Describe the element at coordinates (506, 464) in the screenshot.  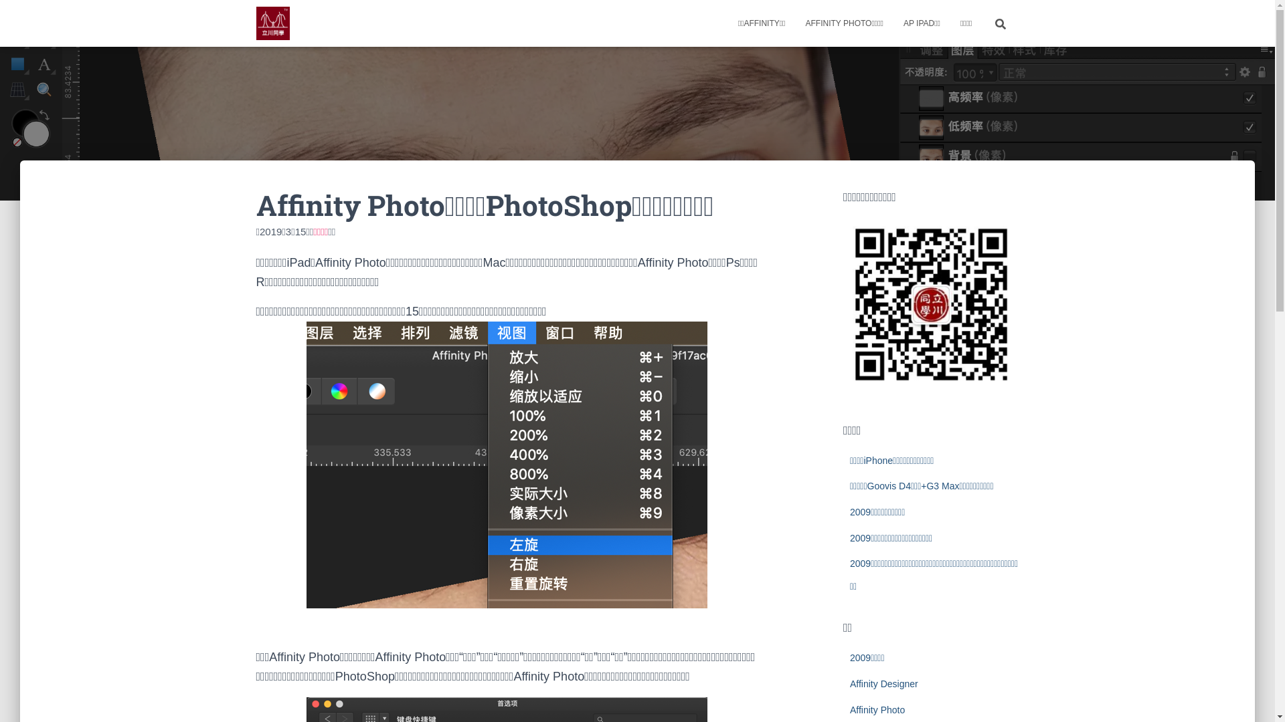
I see `'rotatecanvas.png'` at that location.